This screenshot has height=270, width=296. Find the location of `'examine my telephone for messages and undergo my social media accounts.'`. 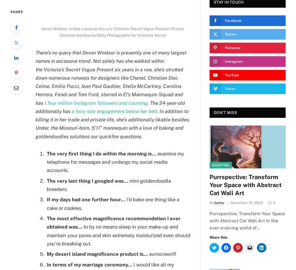

'examine my telephone for messages and undergo my social media accounts.' is located at coordinates (115, 162).